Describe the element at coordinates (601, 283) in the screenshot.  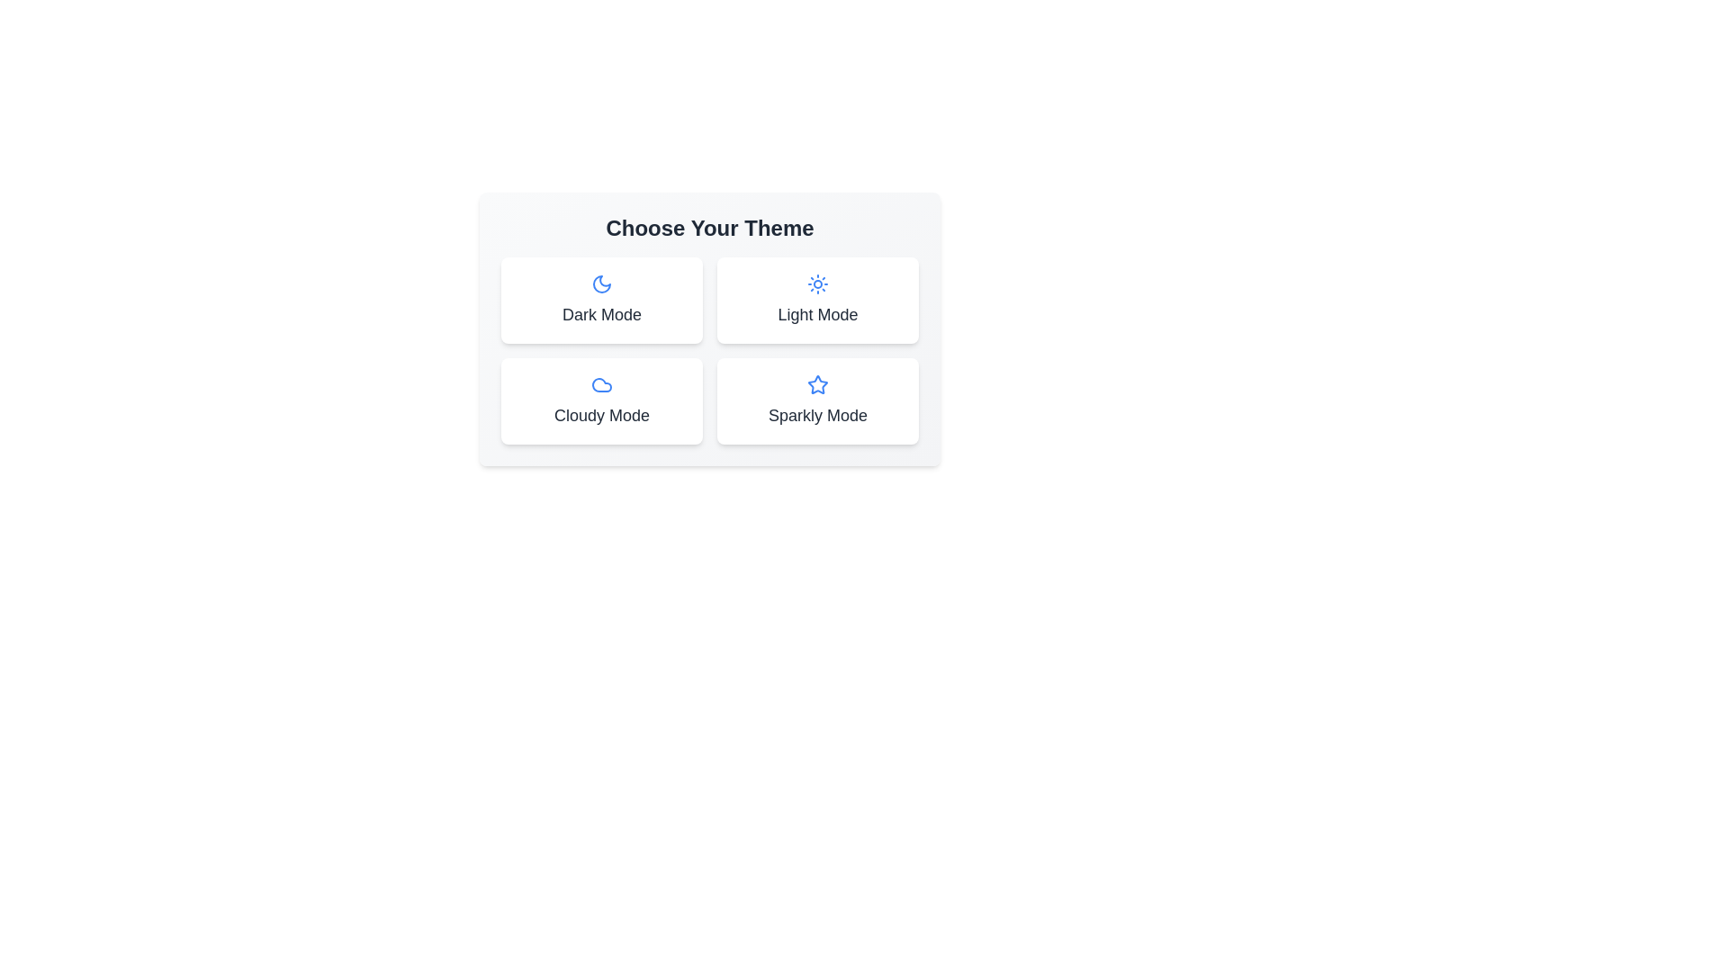
I see `the crescent-shaped moon icon with a blue outline` at that location.